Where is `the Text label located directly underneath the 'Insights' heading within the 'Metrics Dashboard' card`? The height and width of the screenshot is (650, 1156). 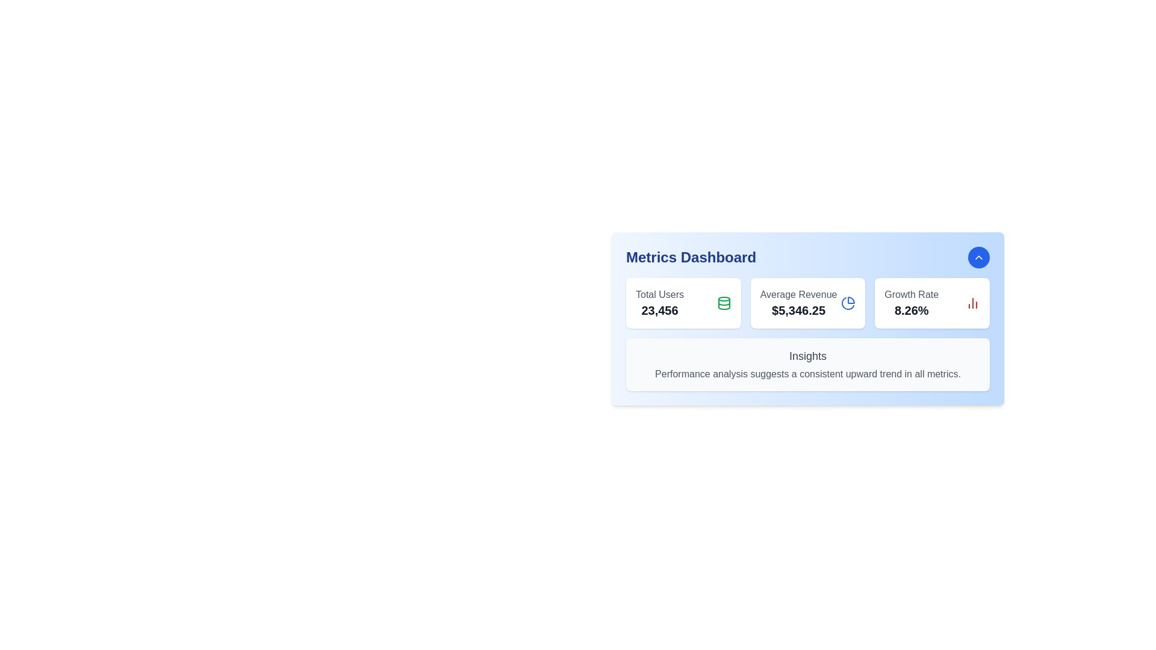 the Text label located directly underneath the 'Insights' heading within the 'Metrics Dashboard' card is located at coordinates (808, 373).